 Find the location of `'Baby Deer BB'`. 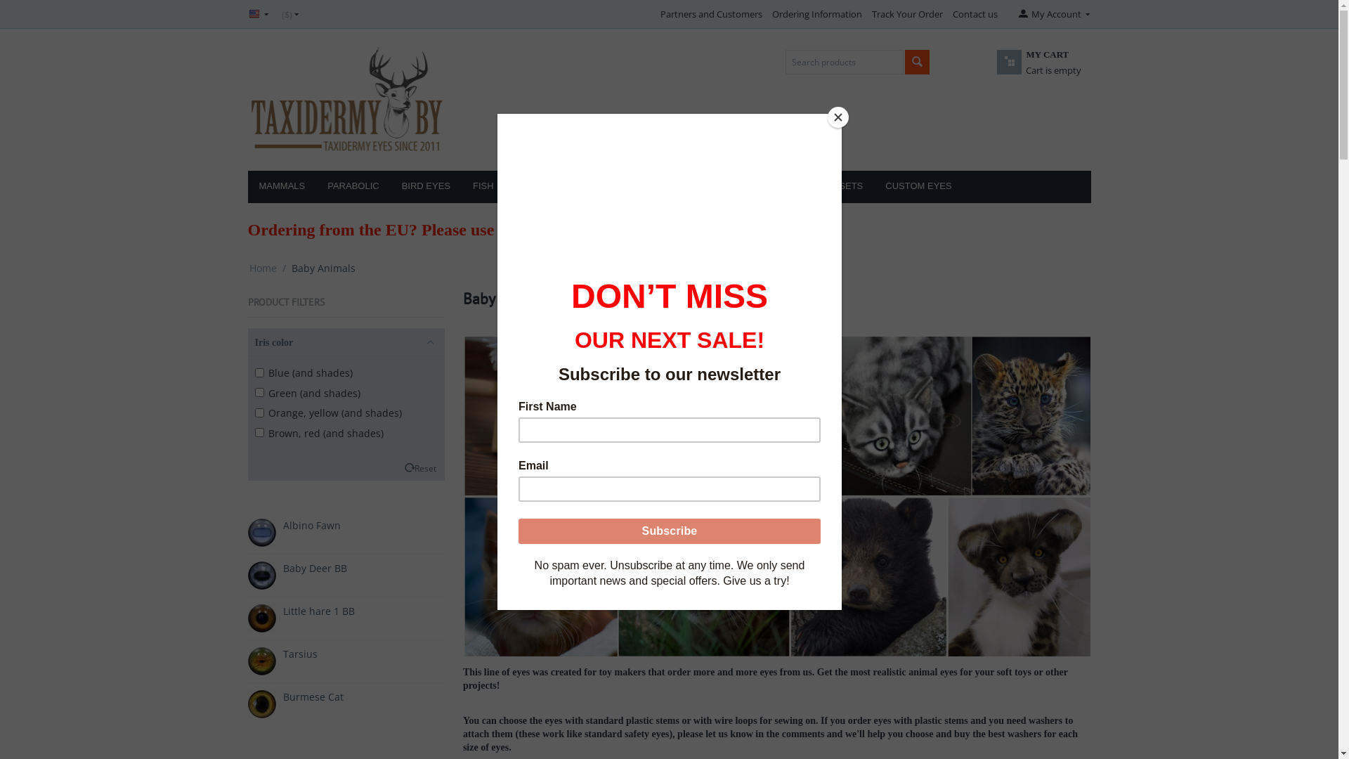

'Baby Deer BB' is located at coordinates (313, 567).